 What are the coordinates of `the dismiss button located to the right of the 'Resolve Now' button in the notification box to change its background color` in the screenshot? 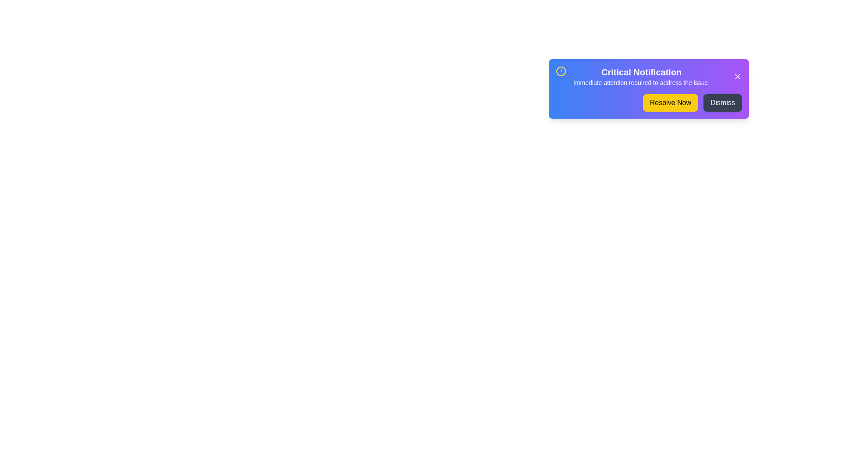 It's located at (723, 102).